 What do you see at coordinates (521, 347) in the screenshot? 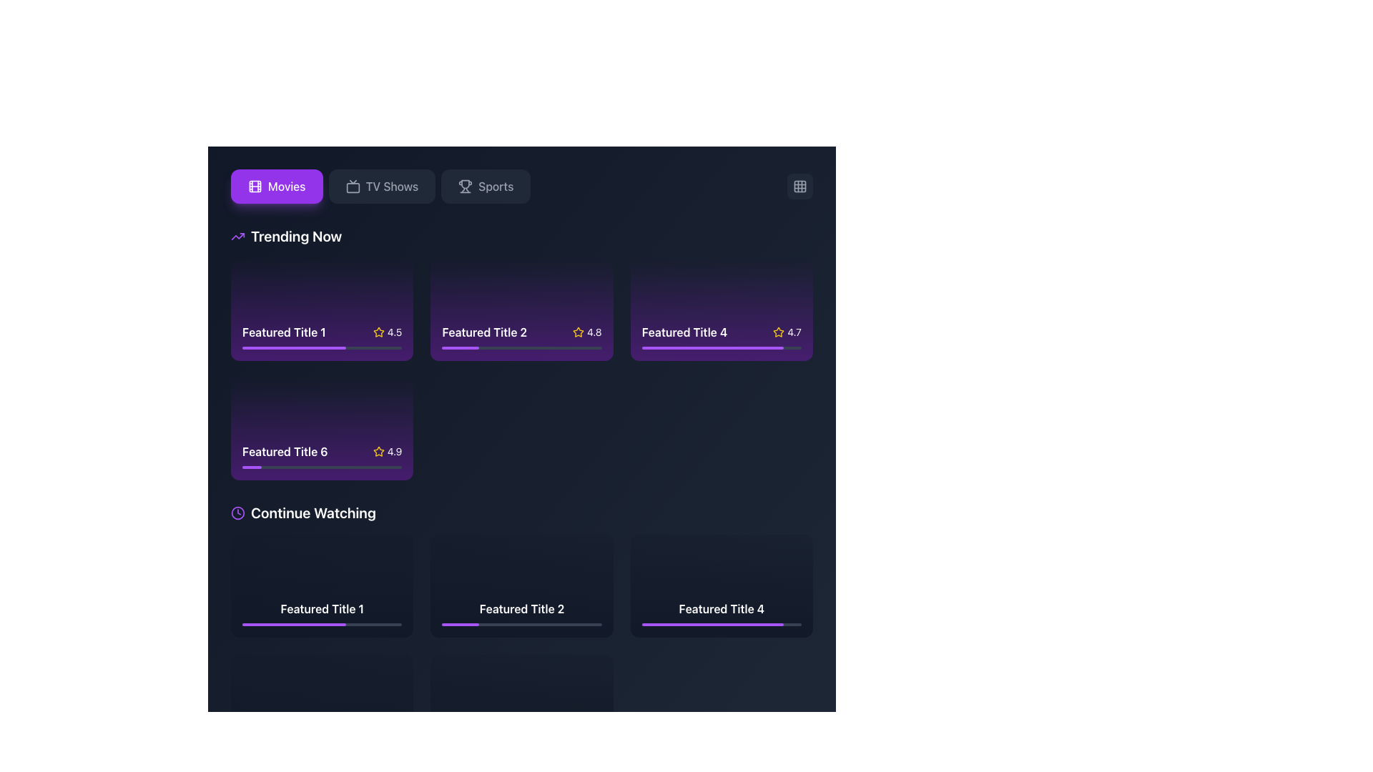
I see `the thin, horizontal progress bar located beneath 'Featured Title 2' with a rating of '4.8' in the 'Trending Now' section` at bounding box center [521, 347].